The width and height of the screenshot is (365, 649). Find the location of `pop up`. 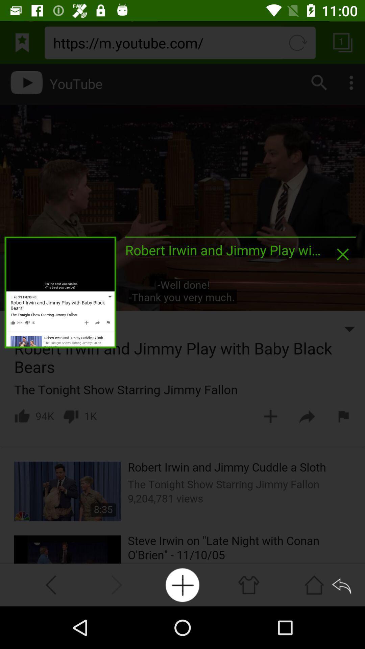

pop up is located at coordinates (343, 254).